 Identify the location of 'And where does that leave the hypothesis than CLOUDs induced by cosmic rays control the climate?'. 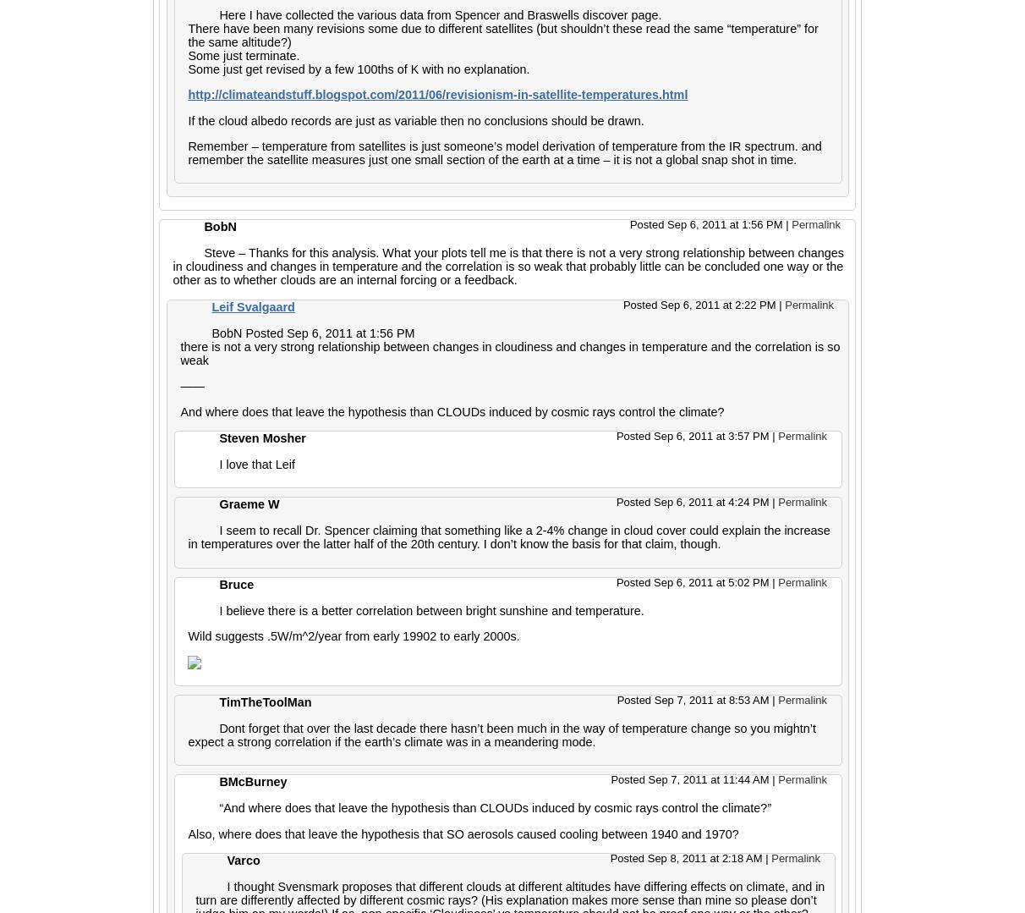
(452, 410).